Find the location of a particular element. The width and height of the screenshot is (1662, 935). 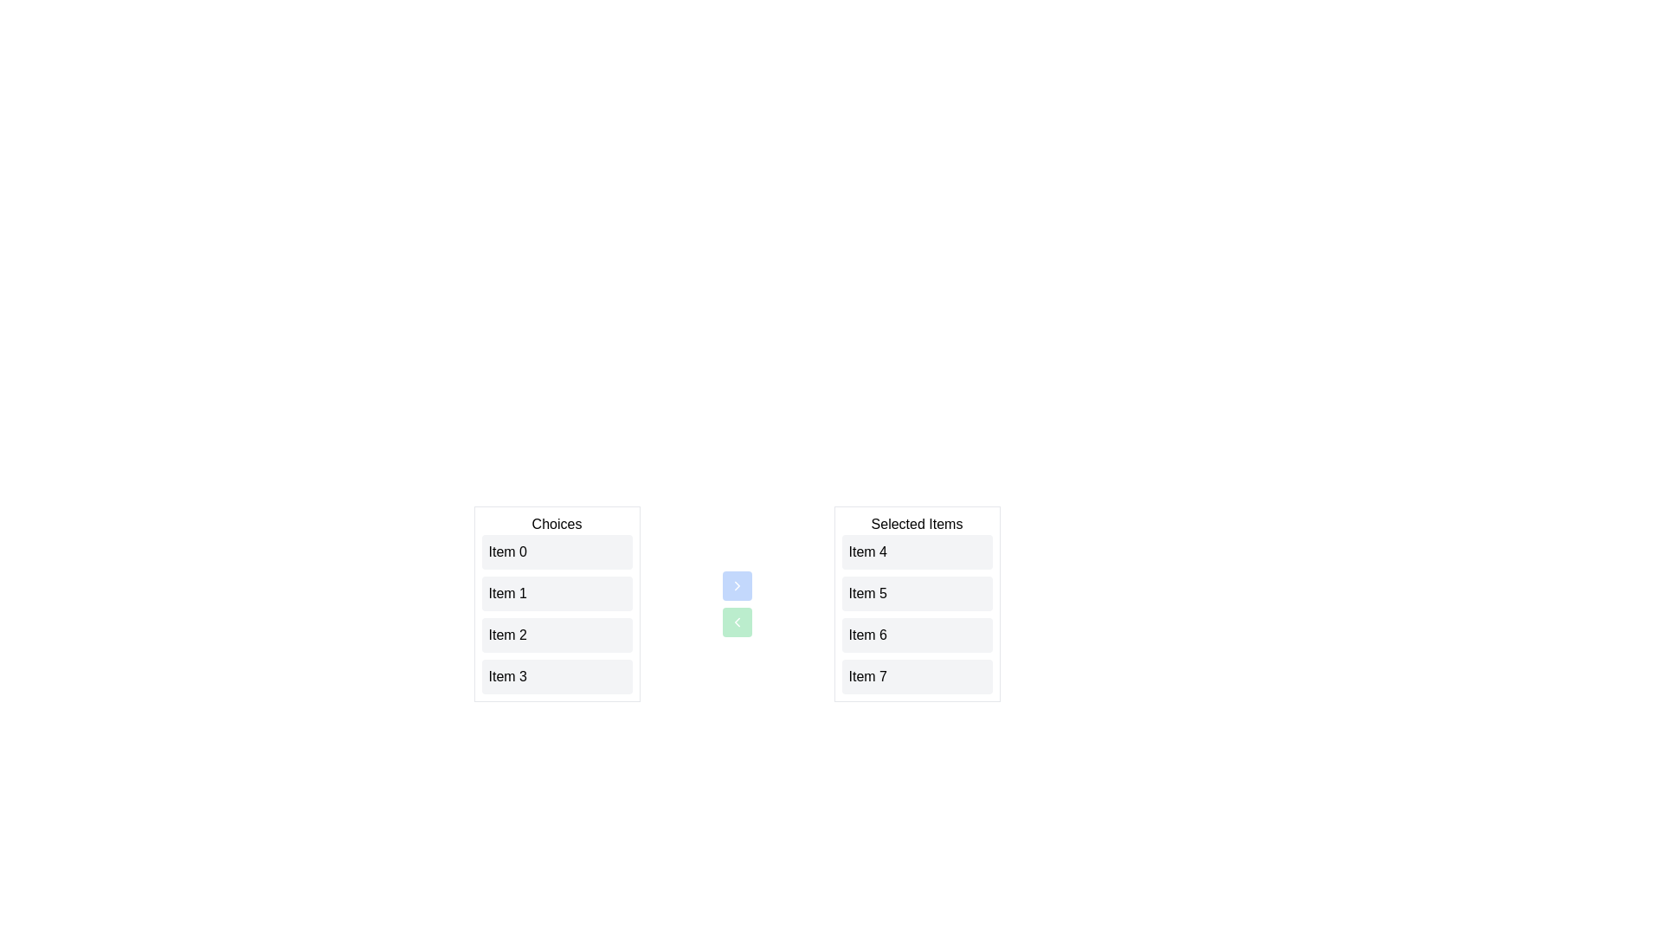

the text label representing 'Item 1' in the selectable list under the header 'Choices' is located at coordinates (506, 593).